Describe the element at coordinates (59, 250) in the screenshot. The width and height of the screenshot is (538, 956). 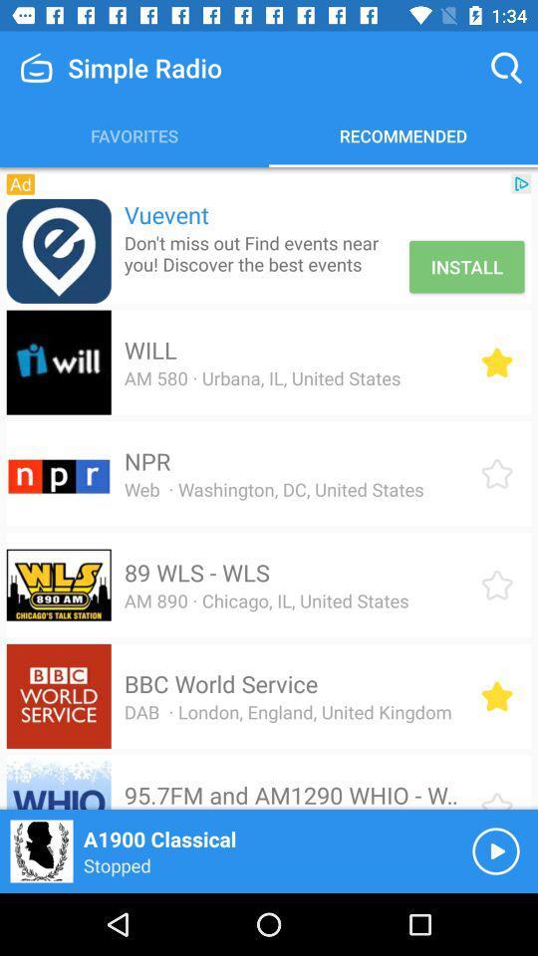
I see `opens a company 's website` at that location.